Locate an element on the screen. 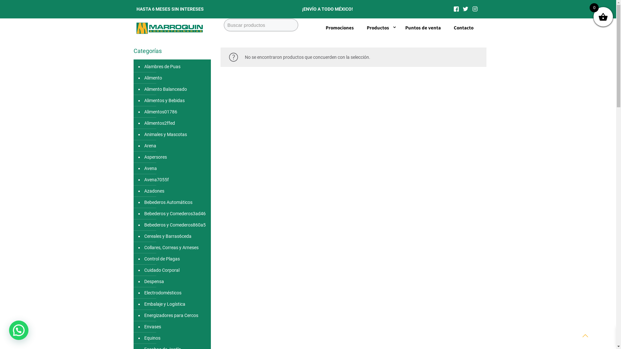  'Cuidado Corporal' is located at coordinates (175, 270).